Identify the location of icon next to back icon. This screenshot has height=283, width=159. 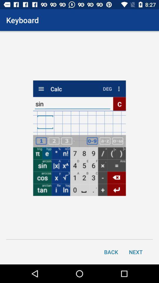
(136, 251).